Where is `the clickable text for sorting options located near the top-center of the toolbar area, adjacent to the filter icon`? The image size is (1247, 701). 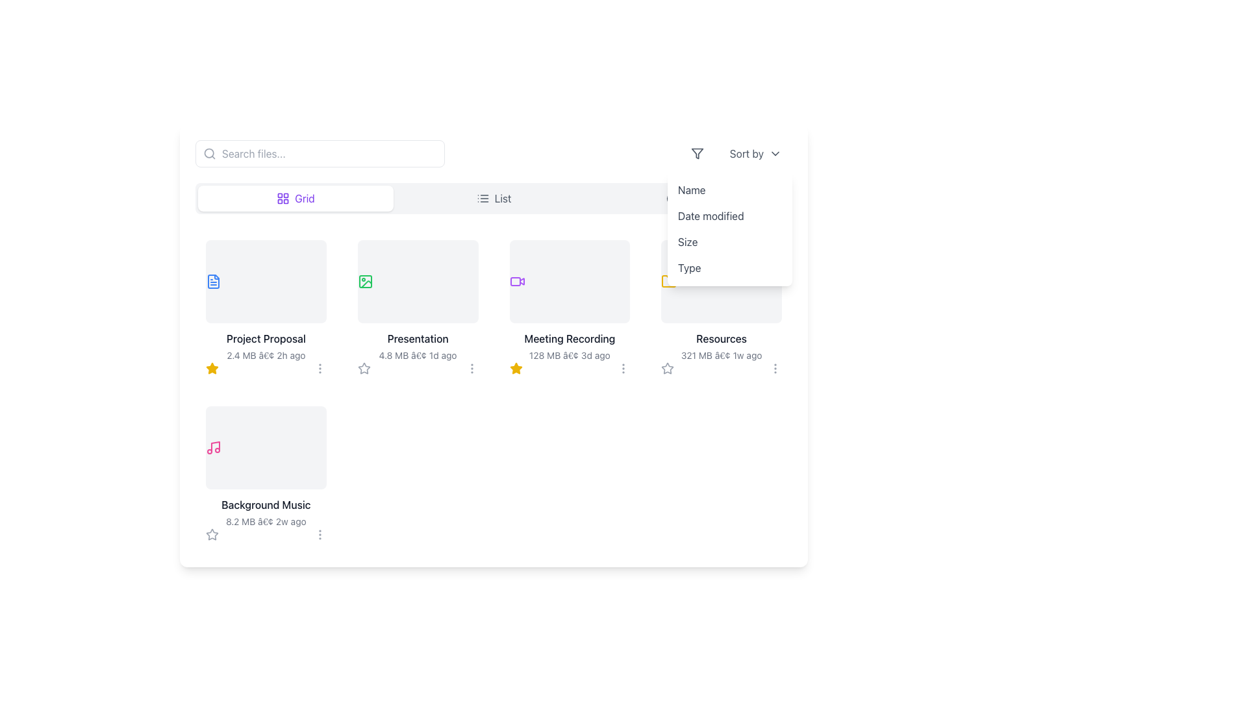
the clickable text for sorting options located near the top-center of the toolbar area, adjacent to the filter icon is located at coordinates (755, 153).